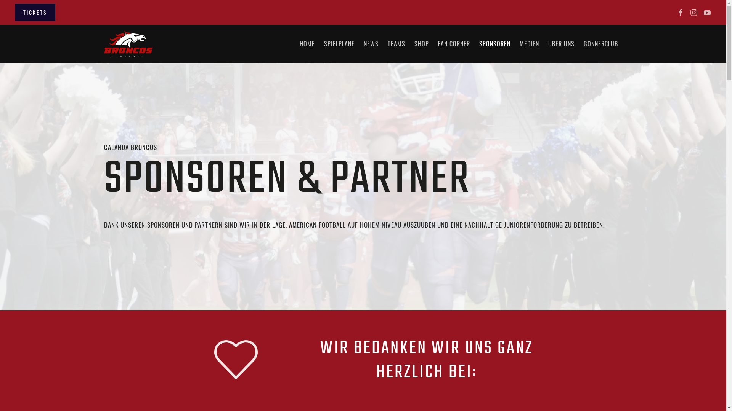 The image size is (732, 411). Describe the element at coordinates (371, 44) in the screenshot. I see `'NEWS'` at that location.